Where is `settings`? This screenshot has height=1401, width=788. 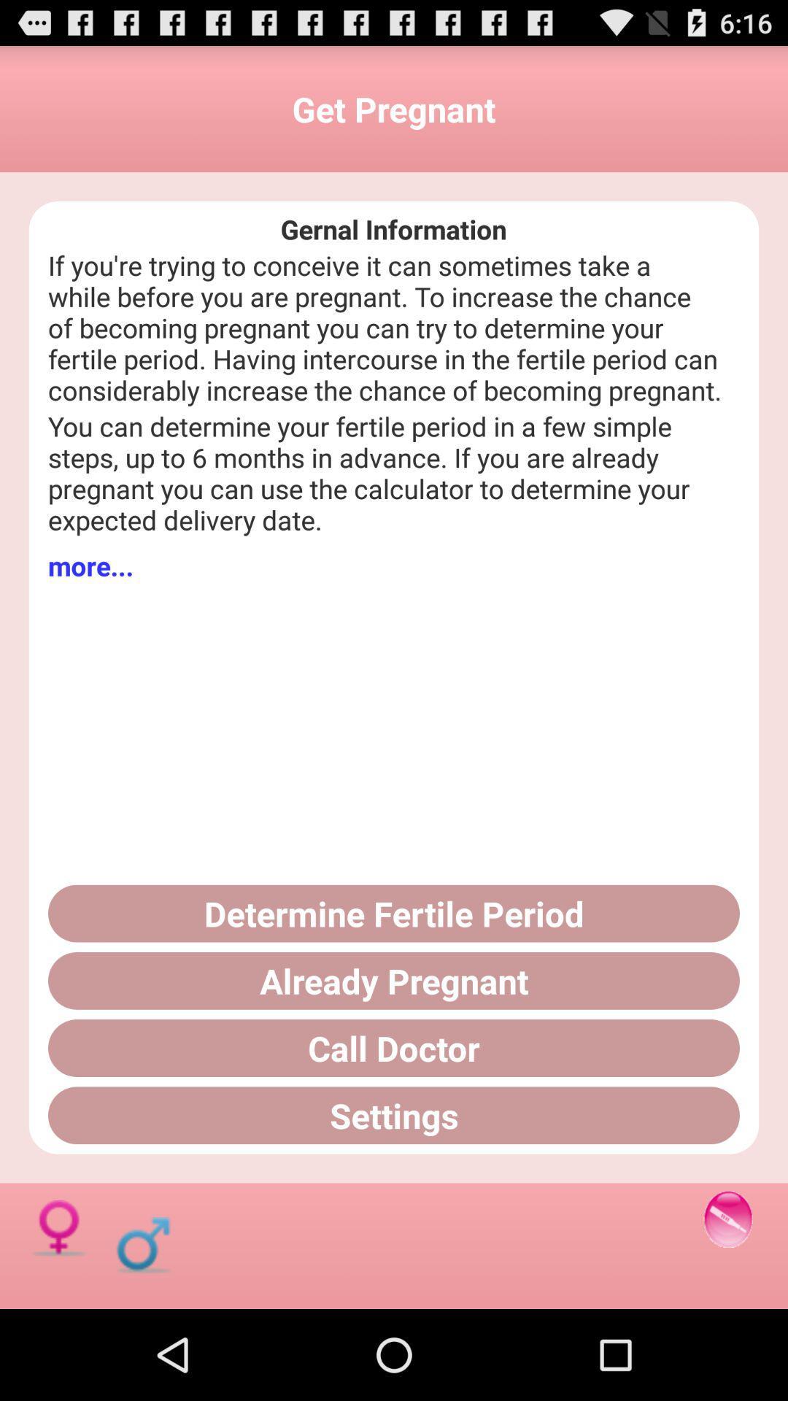
settings is located at coordinates (394, 1114).